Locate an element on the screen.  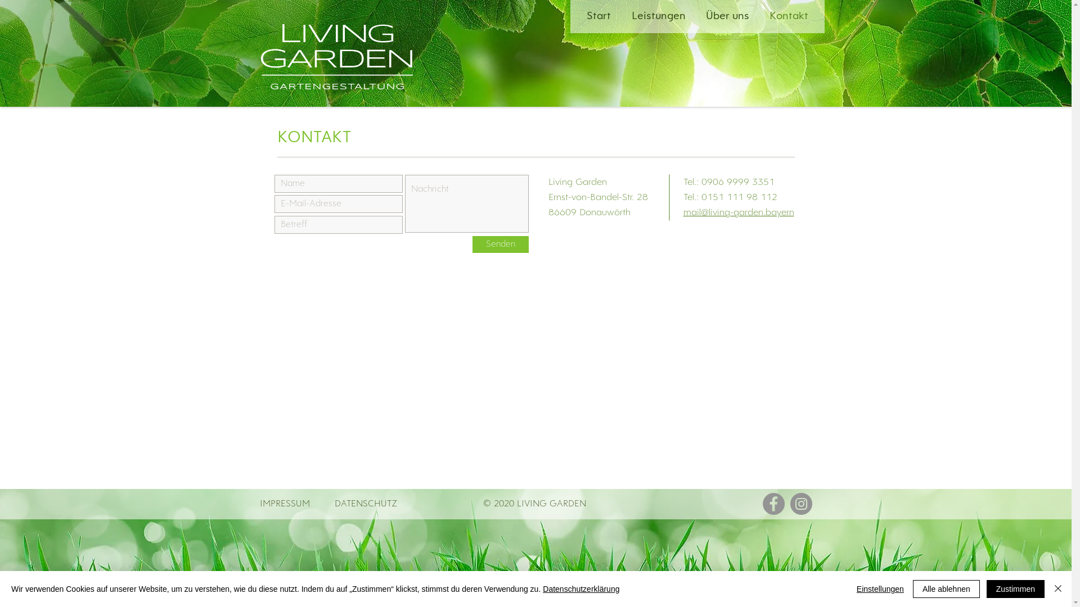
'Senden' is located at coordinates (499, 244).